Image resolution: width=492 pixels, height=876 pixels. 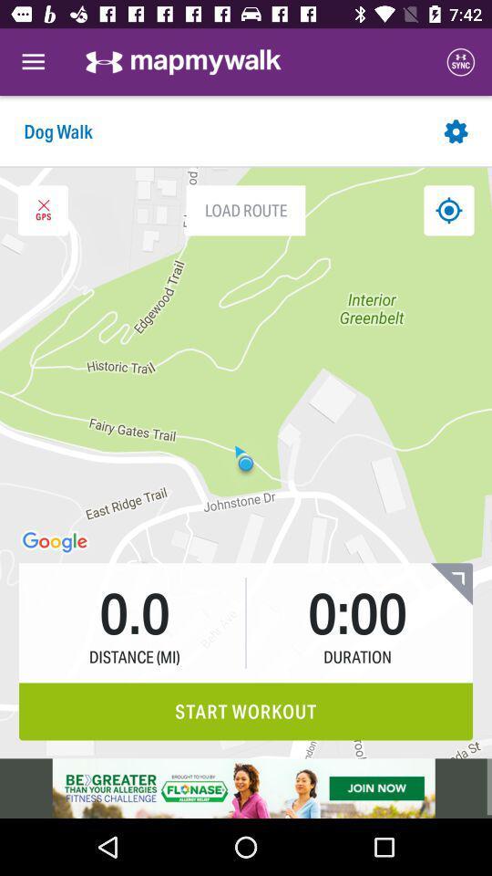 What do you see at coordinates (43, 210) in the screenshot?
I see `open gps` at bounding box center [43, 210].